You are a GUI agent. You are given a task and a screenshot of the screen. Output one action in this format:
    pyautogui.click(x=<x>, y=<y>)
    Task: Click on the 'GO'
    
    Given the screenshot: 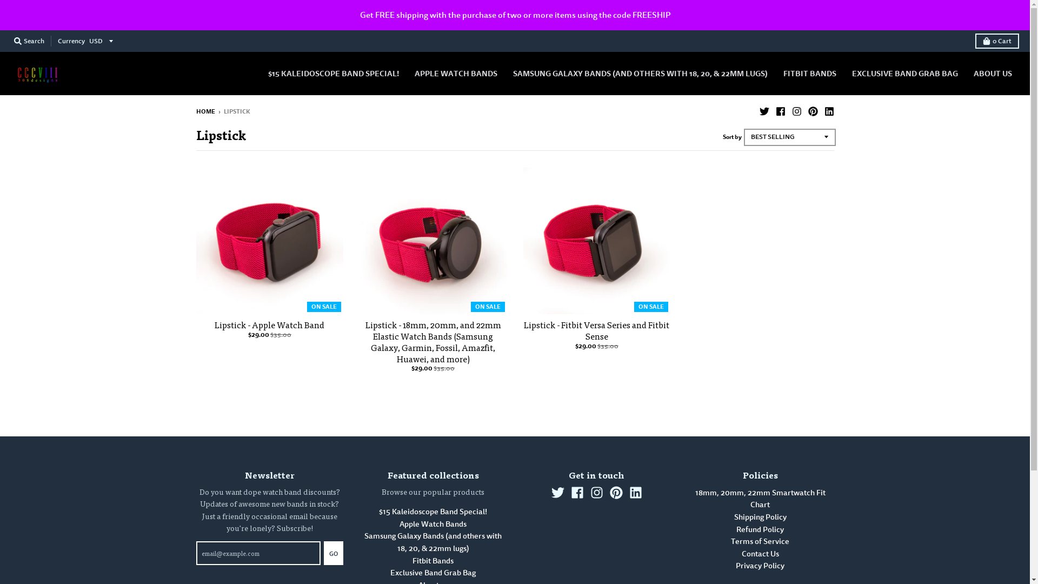 What is the action you would take?
    pyautogui.click(x=323, y=553)
    